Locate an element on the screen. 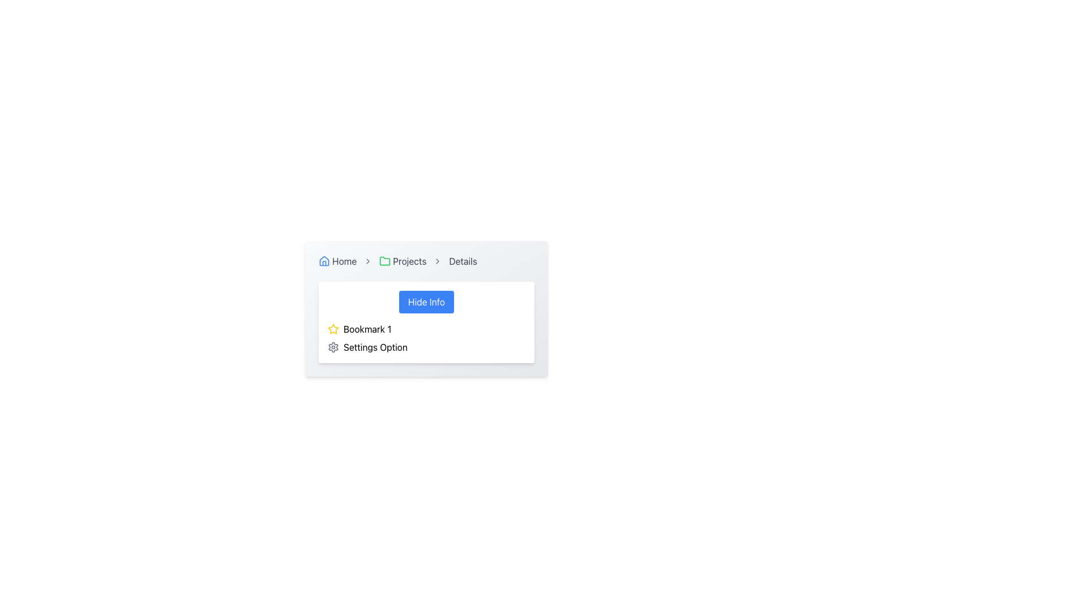 The image size is (1087, 611). the settings icon located to the left of the 'Settings Option' text is located at coordinates (333, 346).